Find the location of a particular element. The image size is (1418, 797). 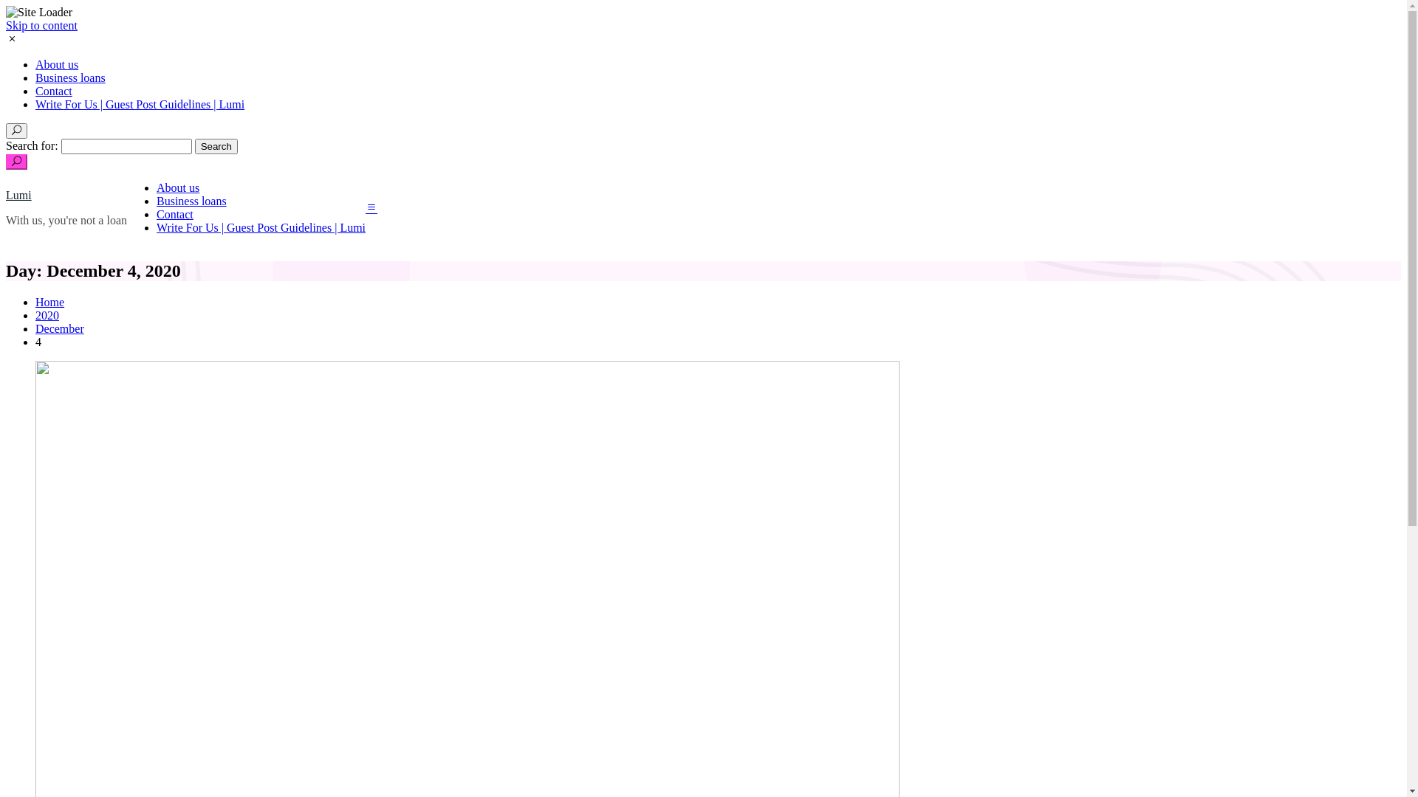

'Skip to content' is located at coordinates (41, 25).